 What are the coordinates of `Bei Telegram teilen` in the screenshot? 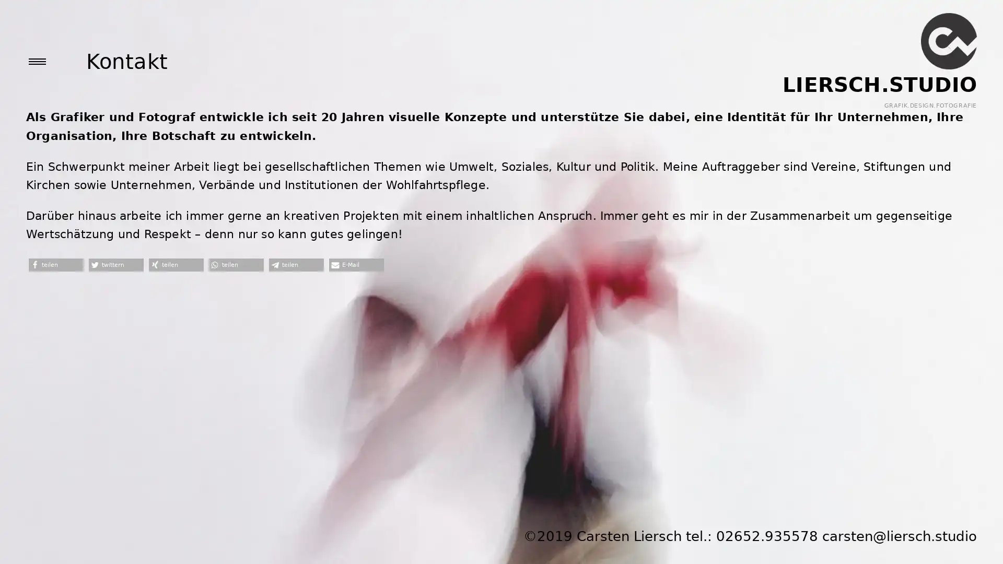 It's located at (296, 392).